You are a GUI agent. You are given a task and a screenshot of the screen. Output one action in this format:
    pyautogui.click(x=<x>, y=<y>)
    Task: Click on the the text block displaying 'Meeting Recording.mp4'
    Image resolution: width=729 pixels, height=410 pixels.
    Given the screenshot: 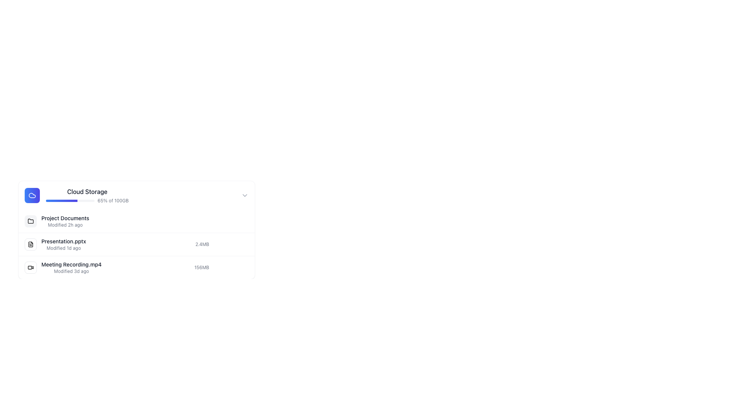 What is the action you would take?
    pyautogui.click(x=71, y=267)
    